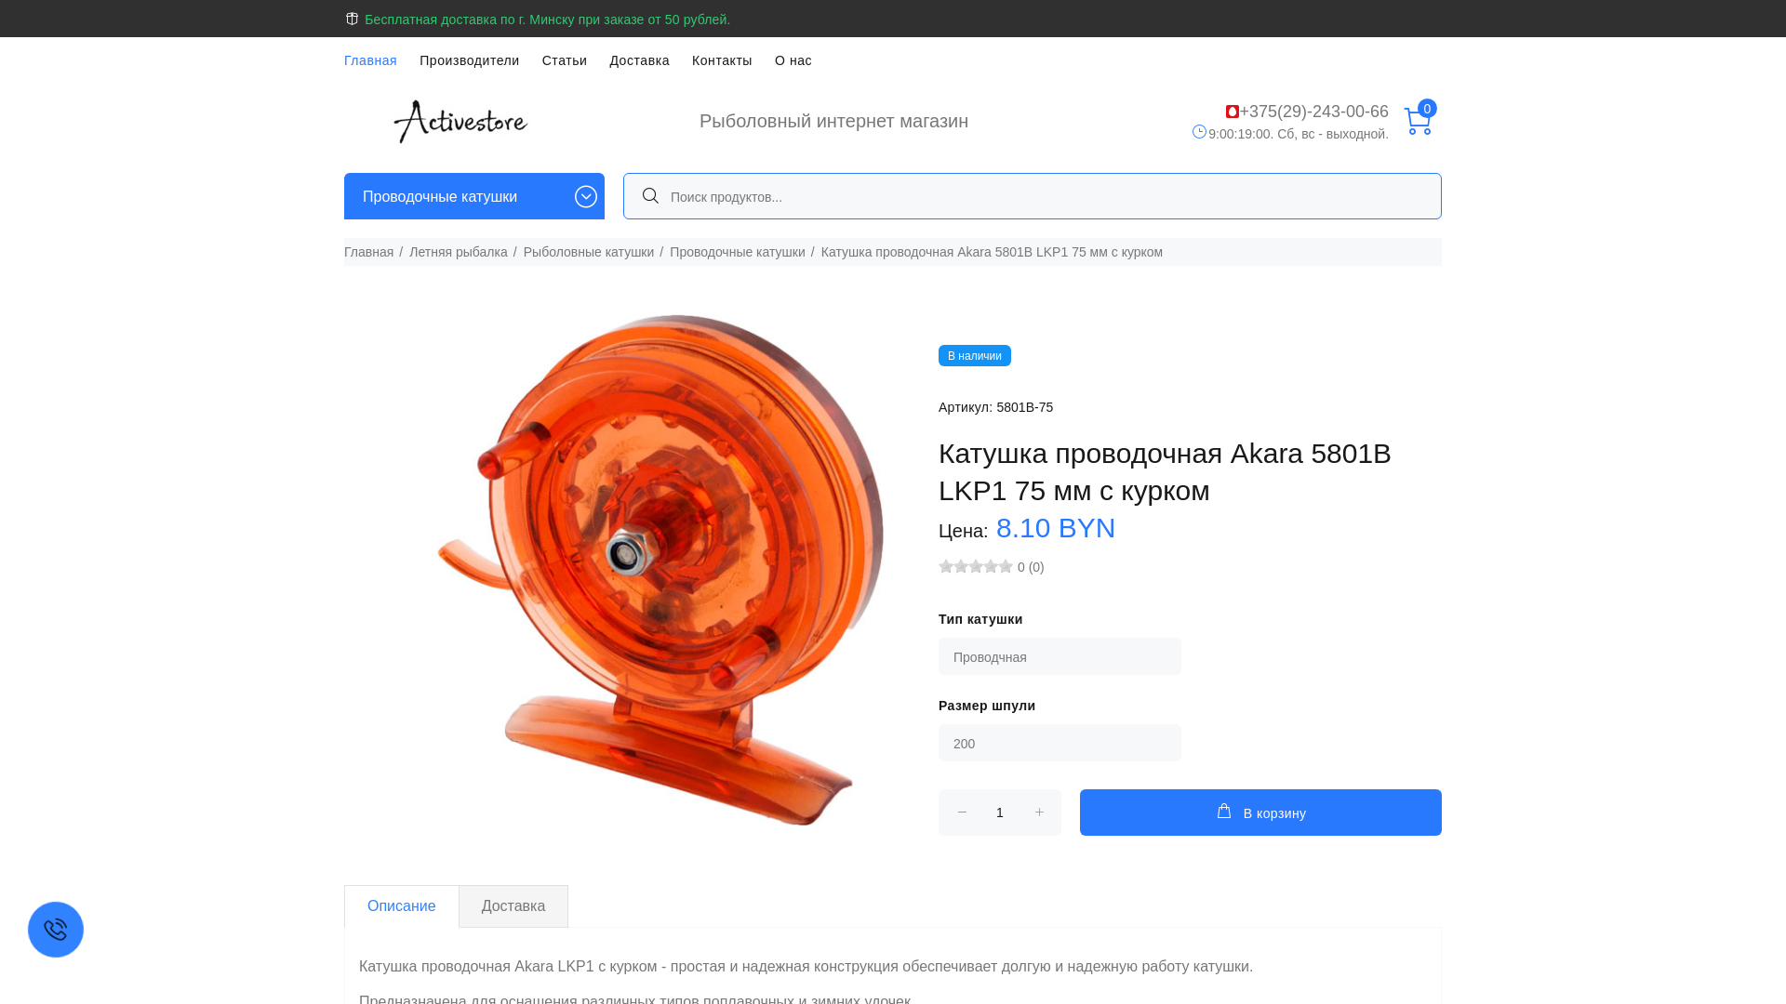  I want to click on '0', so click(1416, 122).